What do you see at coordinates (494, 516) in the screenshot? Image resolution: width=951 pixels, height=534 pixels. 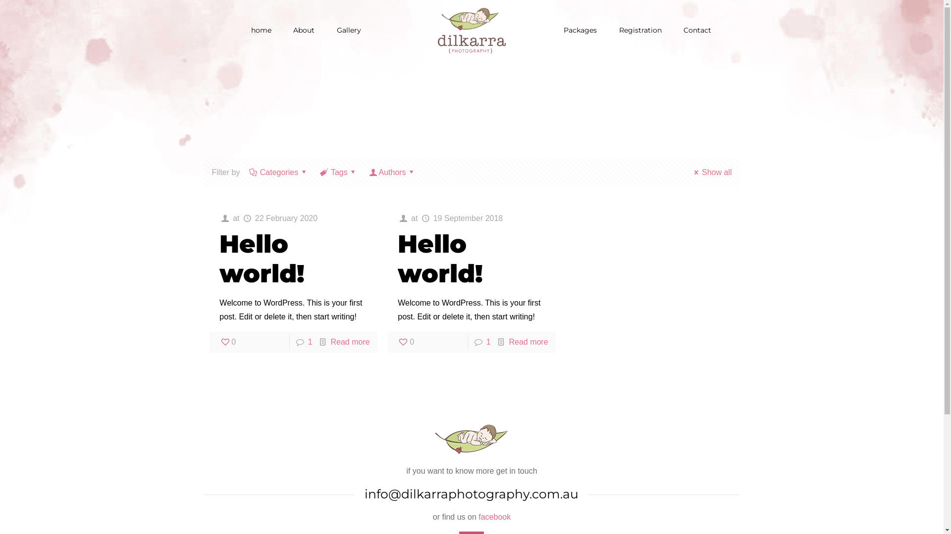 I see `'facebook'` at bounding box center [494, 516].